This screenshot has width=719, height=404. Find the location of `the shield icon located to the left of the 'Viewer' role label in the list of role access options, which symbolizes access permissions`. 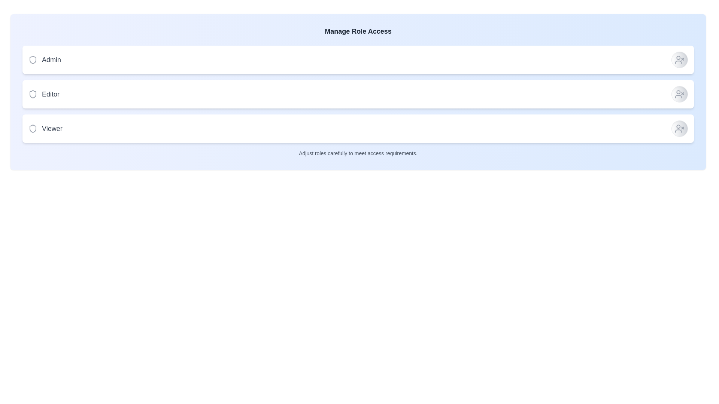

the shield icon located to the left of the 'Viewer' role label in the list of role access options, which symbolizes access permissions is located at coordinates (32, 128).